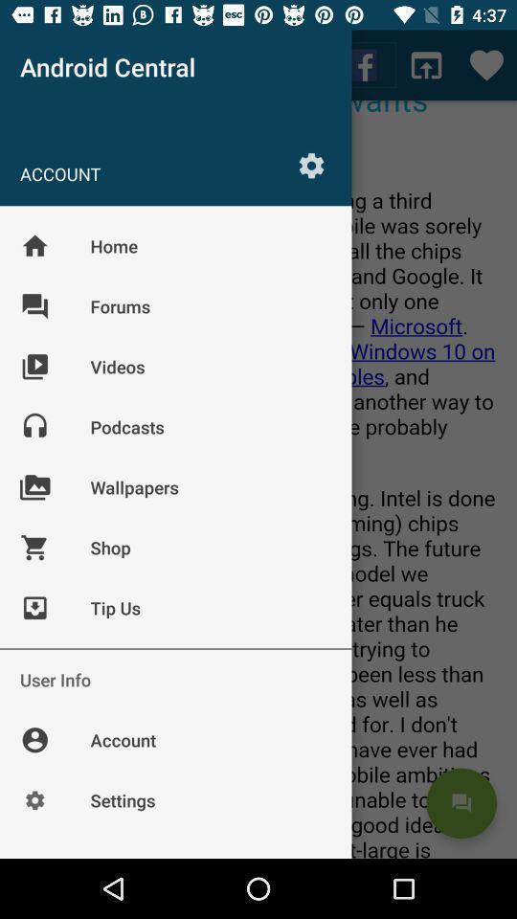 The image size is (517, 919). I want to click on the chat icon, so click(461, 803).